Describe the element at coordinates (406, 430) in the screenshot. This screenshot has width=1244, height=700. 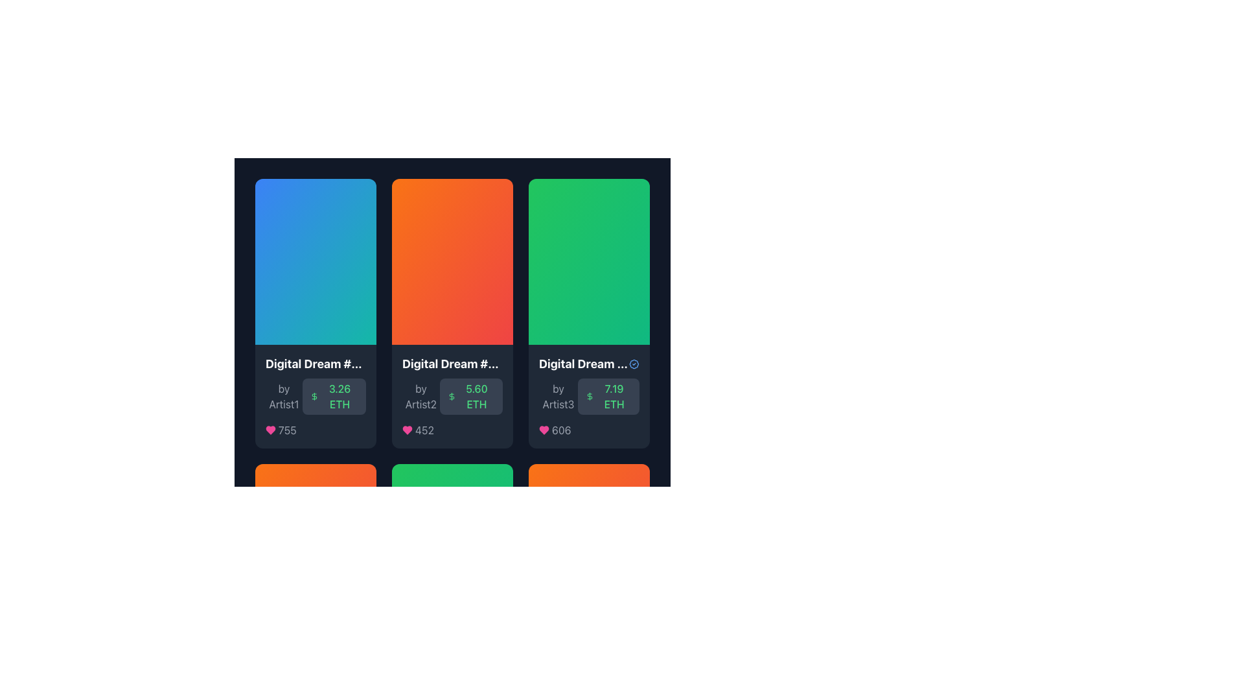
I see `the heart-shaped icon filled with pink color located in the bottom-left section of the third card` at that location.